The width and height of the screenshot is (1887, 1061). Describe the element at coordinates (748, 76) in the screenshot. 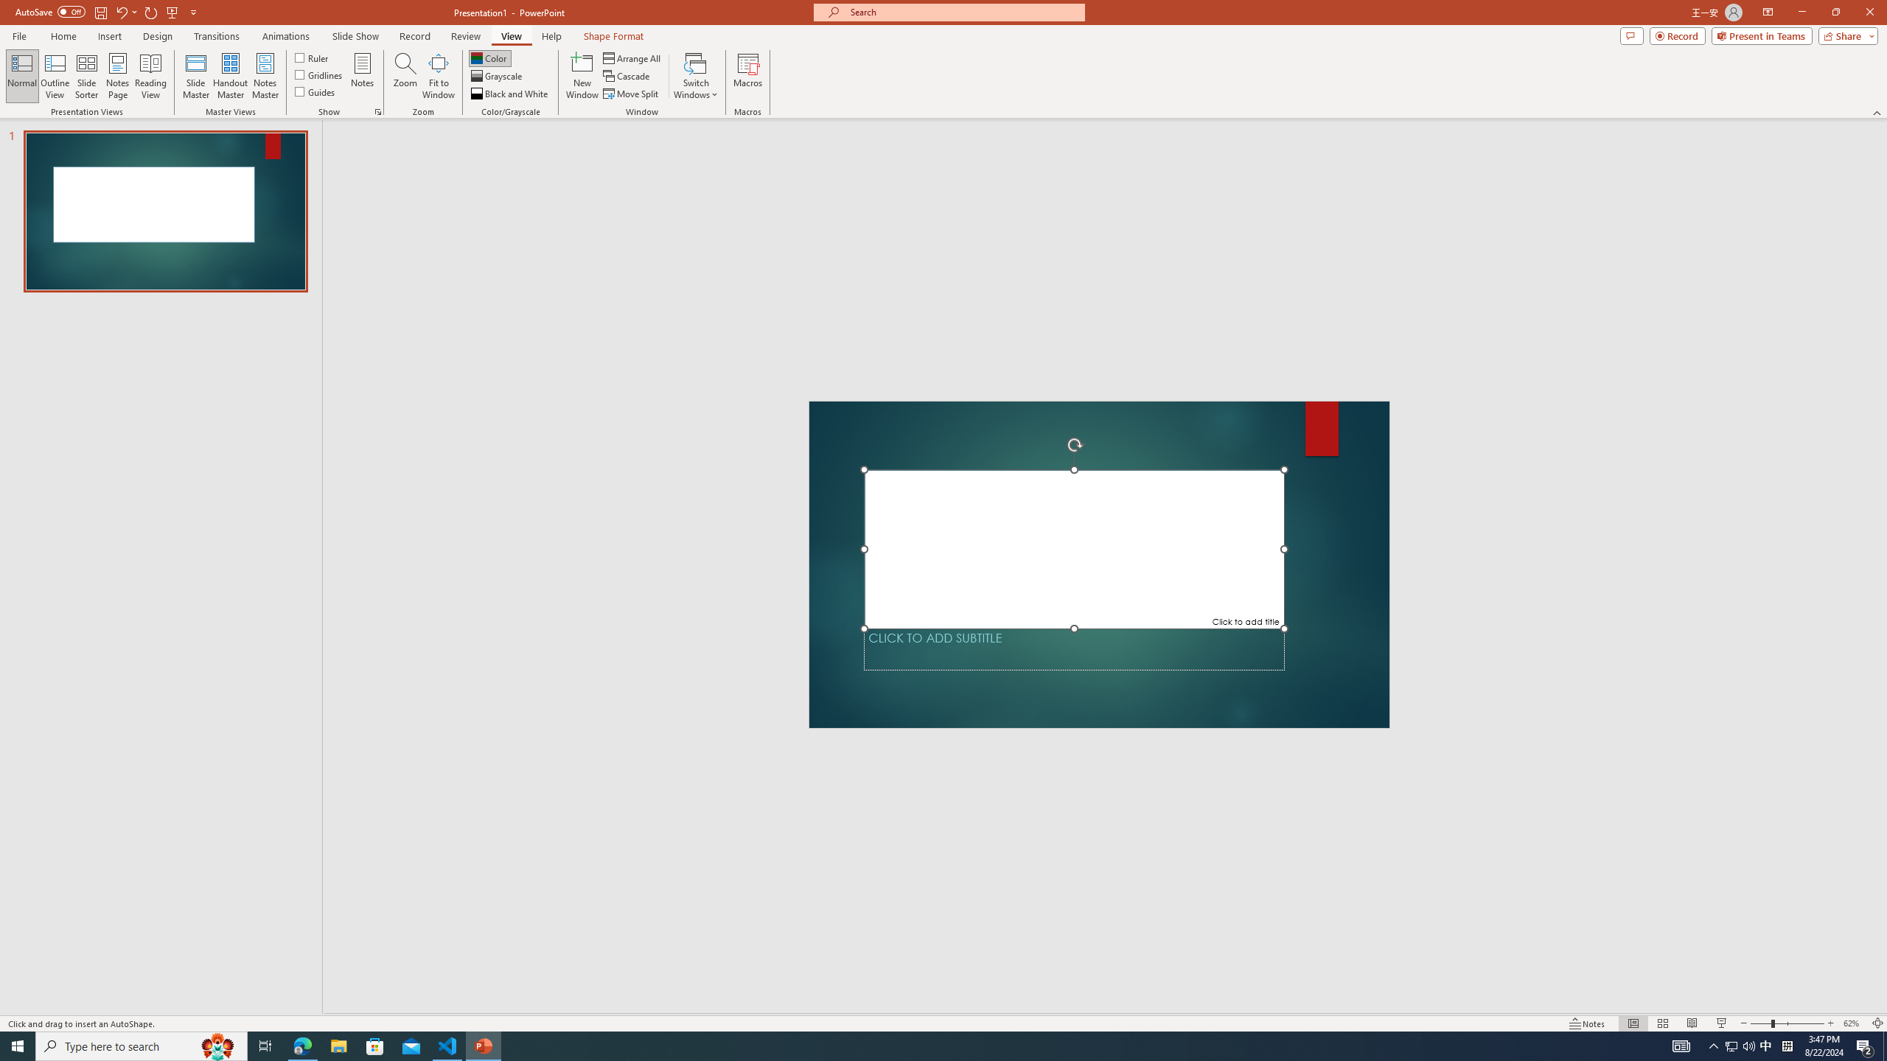

I see `'Macros'` at that location.